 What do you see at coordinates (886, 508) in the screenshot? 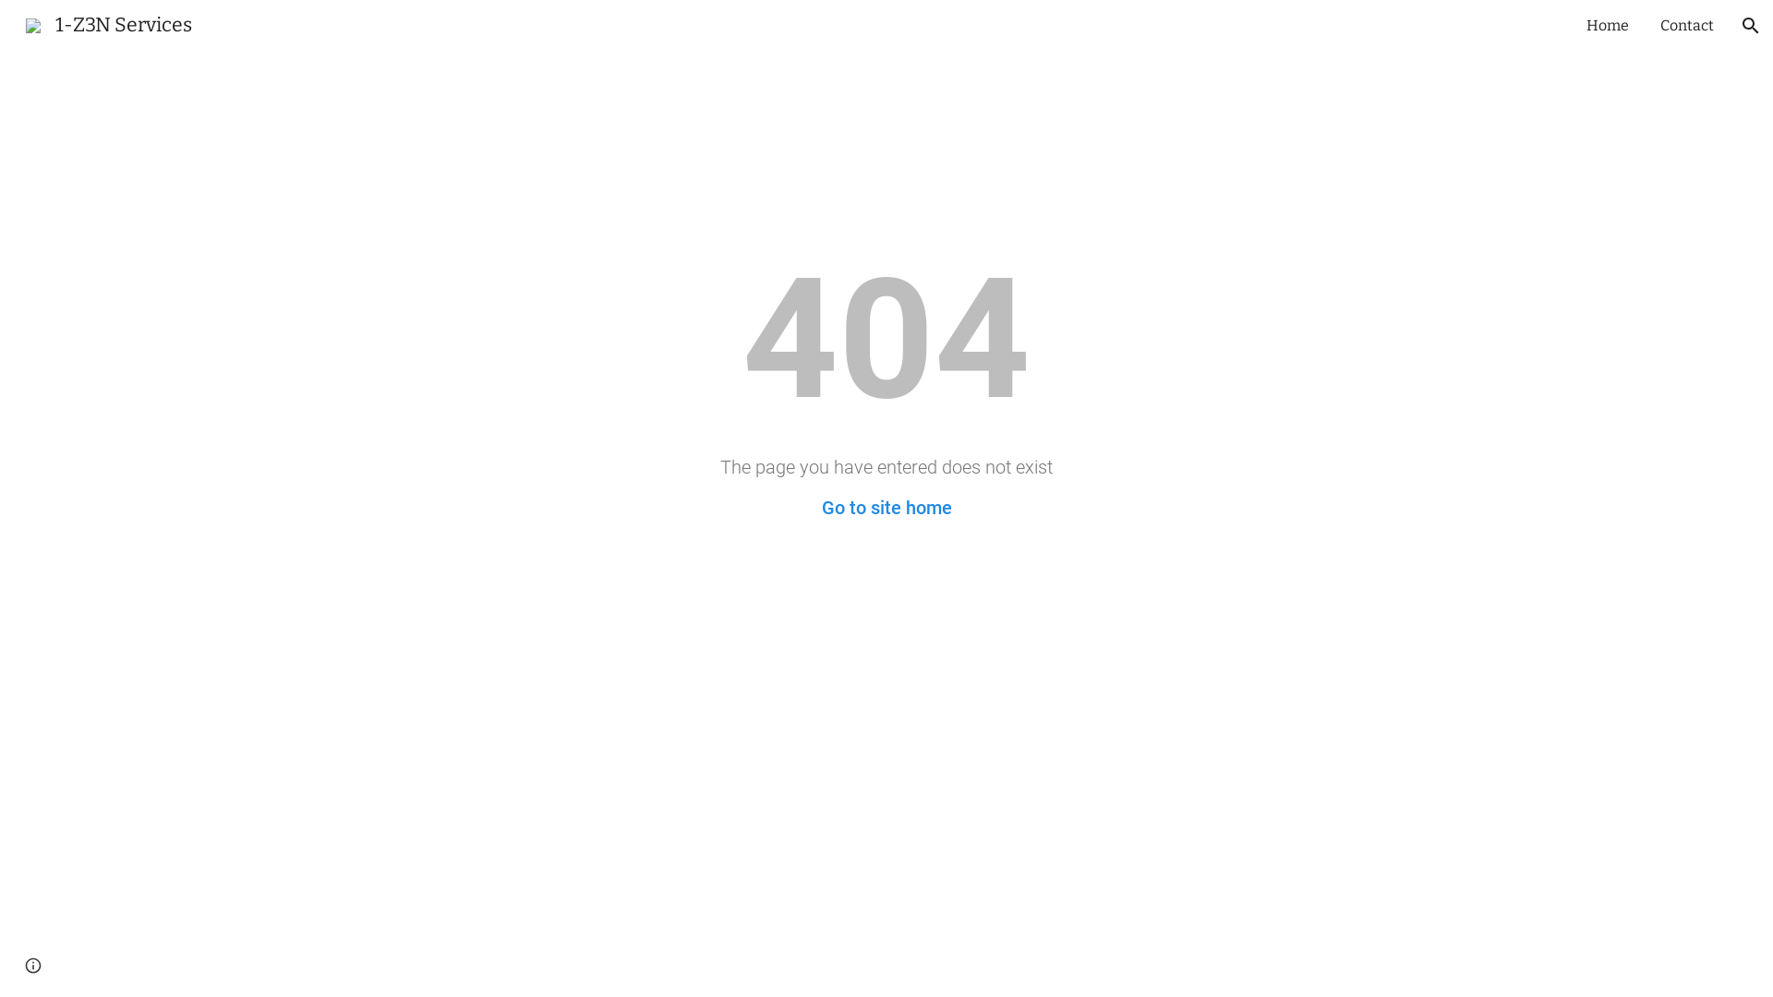
I see `'Go to site home'` at bounding box center [886, 508].